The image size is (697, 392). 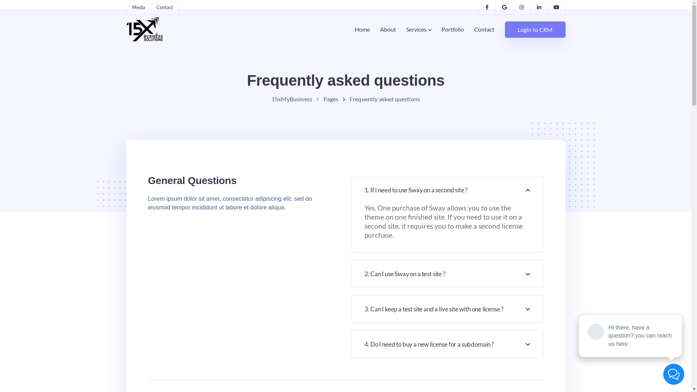 What do you see at coordinates (237, 269) in the screenshot?
I see `'CRM Services'` at bounding box center [237, 269].